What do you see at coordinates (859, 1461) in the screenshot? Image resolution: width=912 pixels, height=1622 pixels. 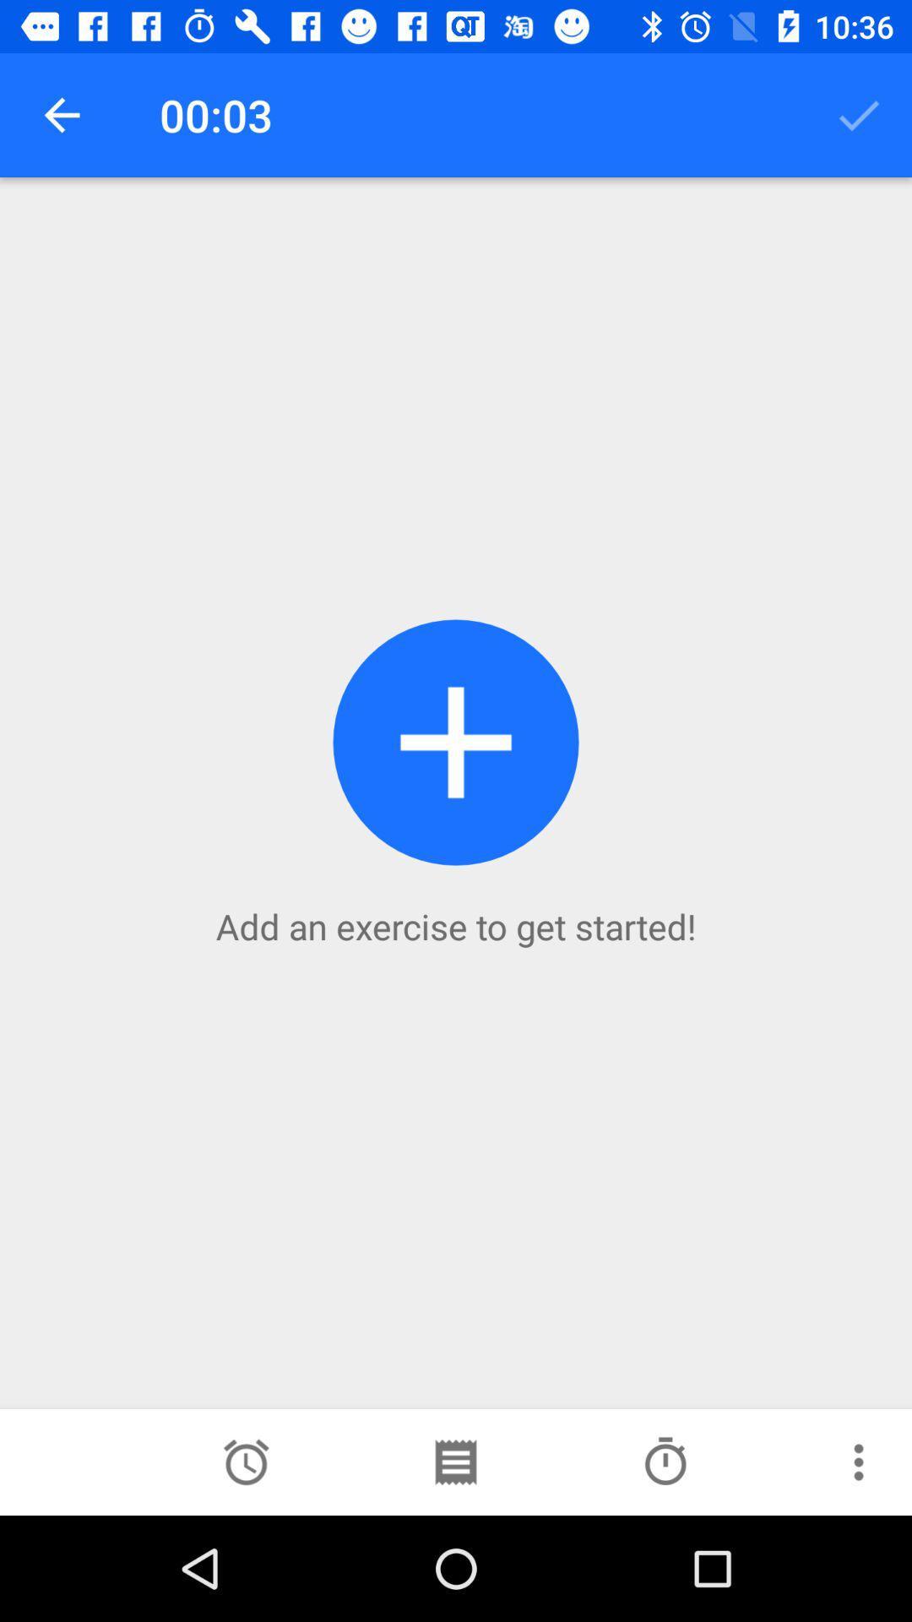 I see `the more icon` at bounding box center [859, 1461].